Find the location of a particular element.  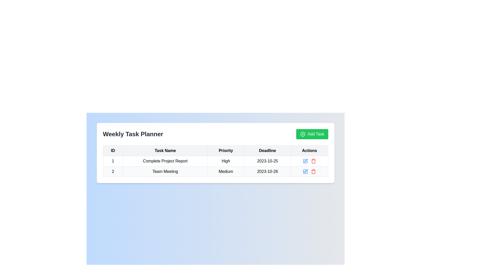

the text label displaying the deadline date for the 'Team Meeting' task in the fourth column of the second row of the table is located at coordinates (267, 172).